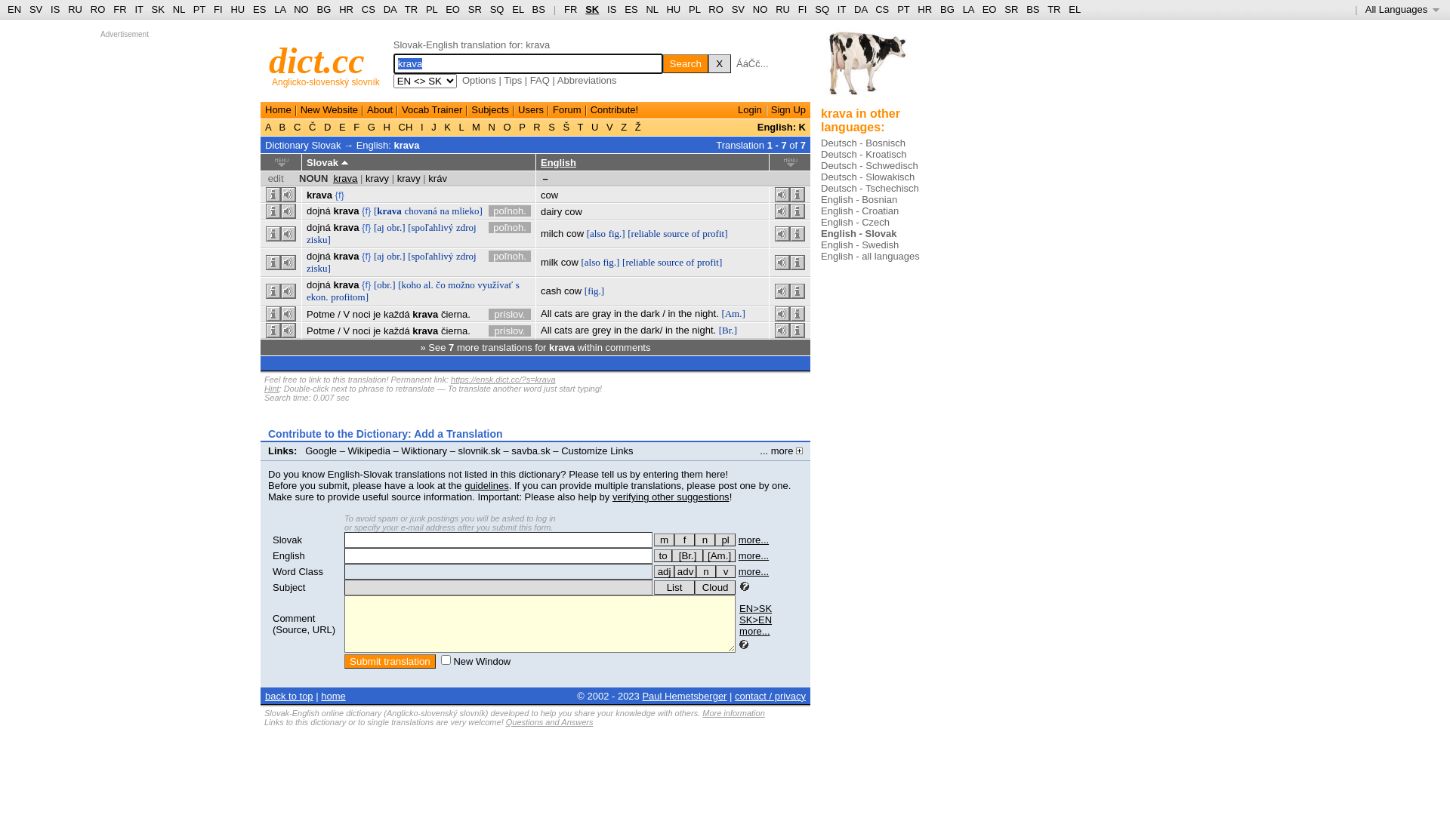 This screenshot has width=1450, height=815. What do you see at coordinates (624, 126) in the screenshot?
I see `'Z'` at bounding box center [624, 126].